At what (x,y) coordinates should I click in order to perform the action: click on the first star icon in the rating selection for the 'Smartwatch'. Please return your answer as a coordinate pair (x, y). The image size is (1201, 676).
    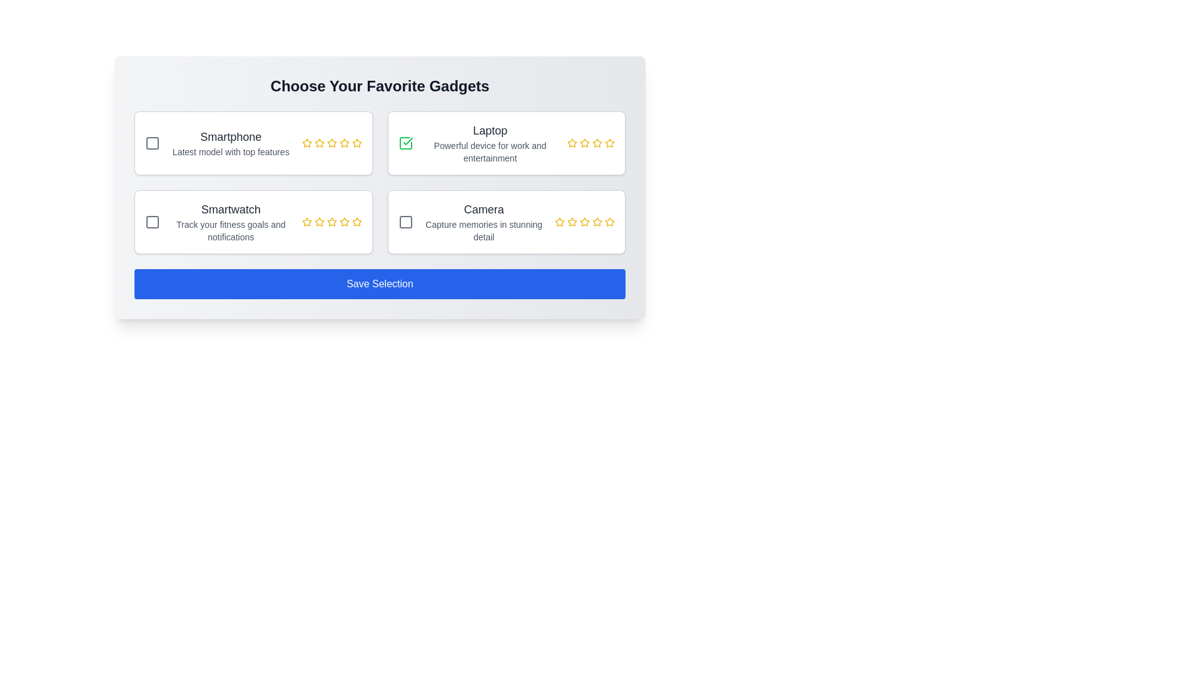
    Looking at the image, I should click on (307, 221).